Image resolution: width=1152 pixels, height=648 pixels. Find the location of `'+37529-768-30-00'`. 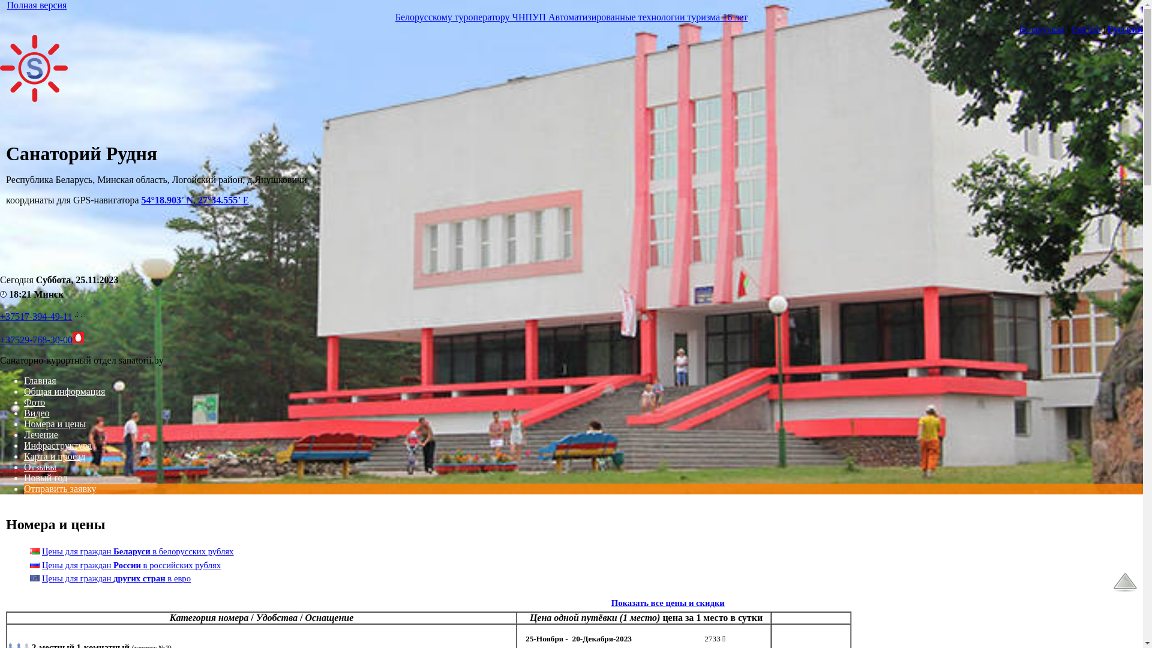

'+37529-768-30-00' is located at coordinates (36, 340).